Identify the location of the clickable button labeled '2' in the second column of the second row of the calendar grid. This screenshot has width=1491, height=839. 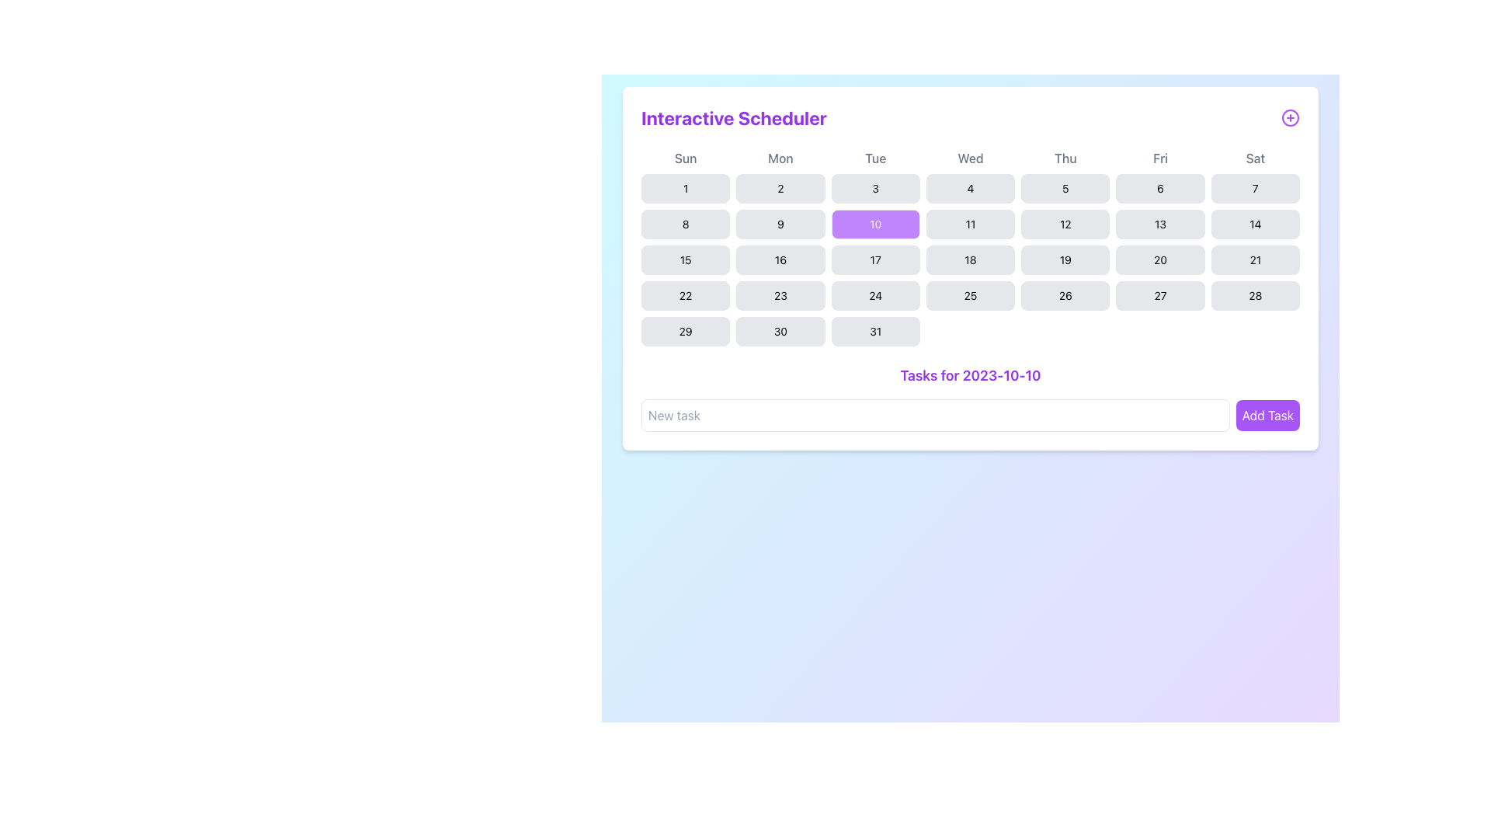
(780, 188).